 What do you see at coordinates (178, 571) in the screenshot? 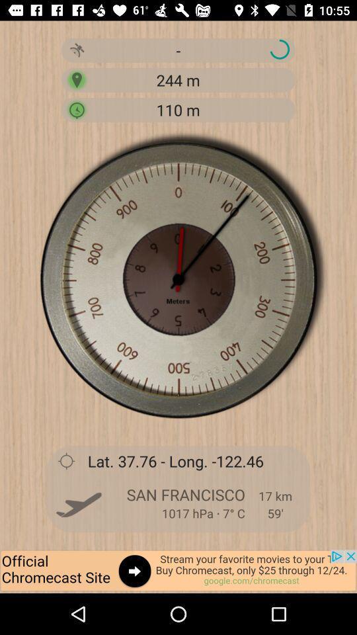
I see `click on the advertisement` at bounding box center [178, 571].